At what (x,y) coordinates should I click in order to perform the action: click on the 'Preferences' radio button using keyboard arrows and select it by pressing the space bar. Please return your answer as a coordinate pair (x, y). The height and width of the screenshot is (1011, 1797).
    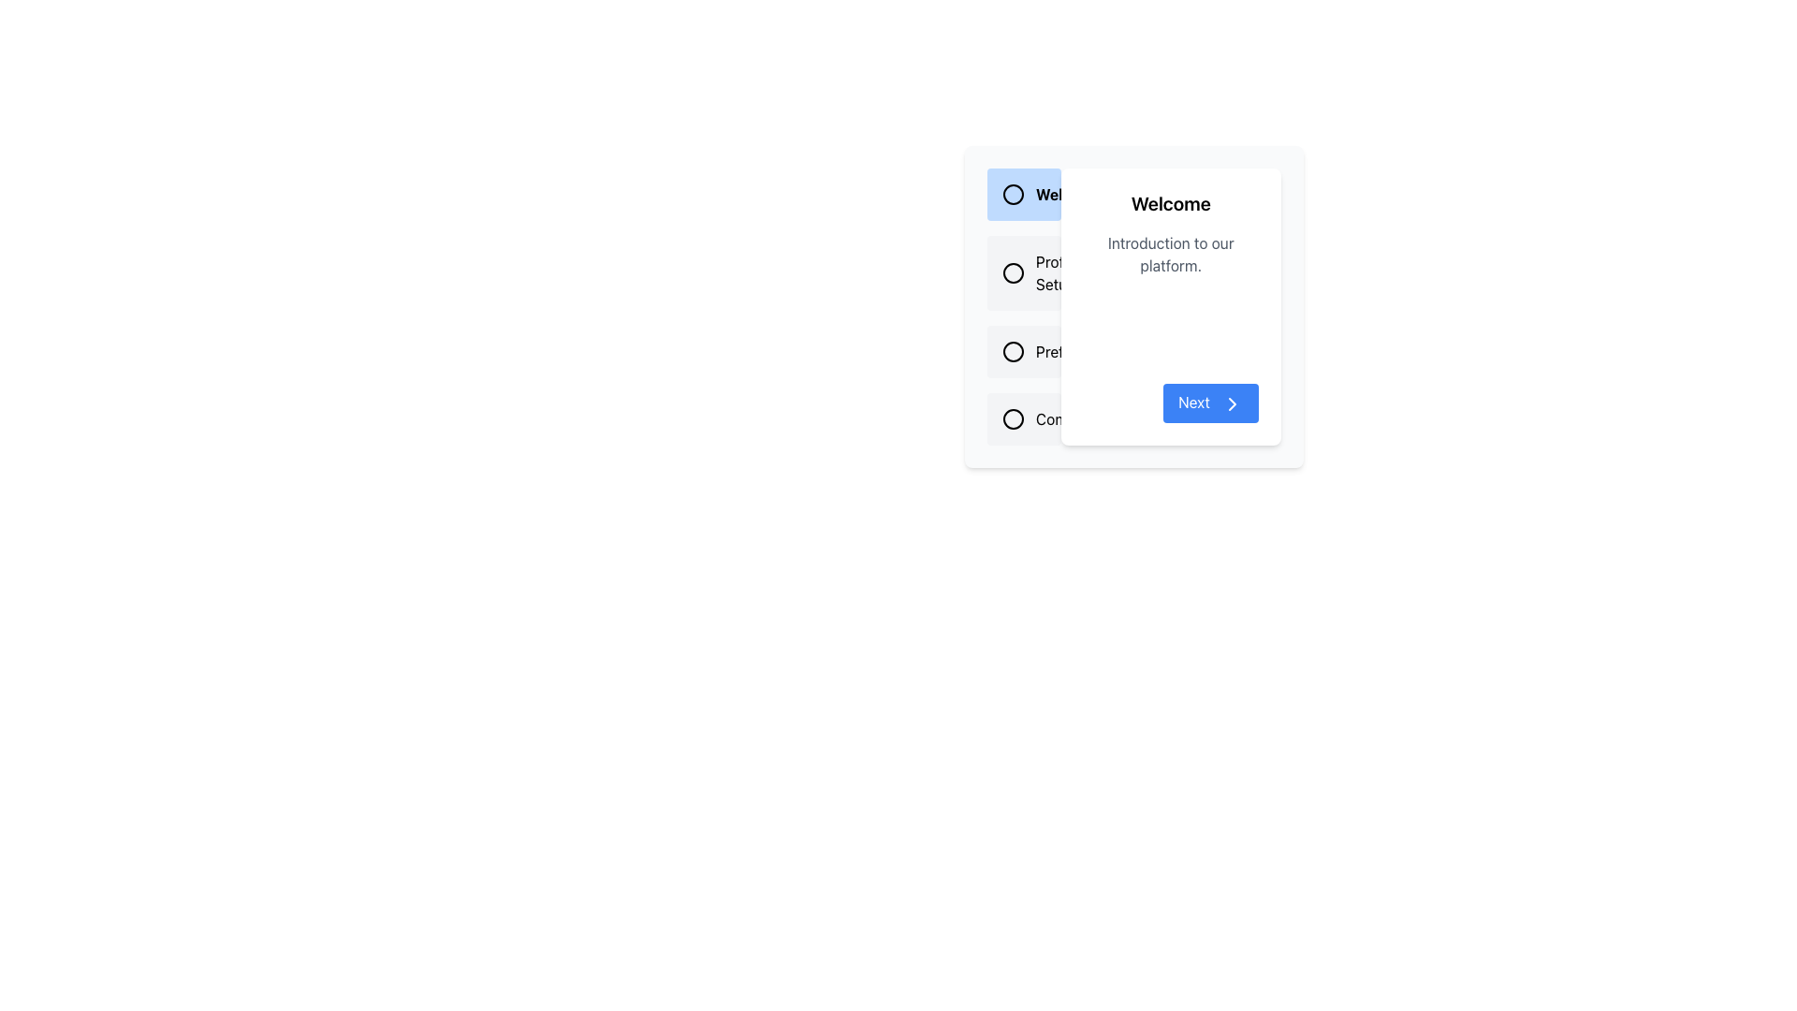
    Looking at the image, I should click on (1023, 351).